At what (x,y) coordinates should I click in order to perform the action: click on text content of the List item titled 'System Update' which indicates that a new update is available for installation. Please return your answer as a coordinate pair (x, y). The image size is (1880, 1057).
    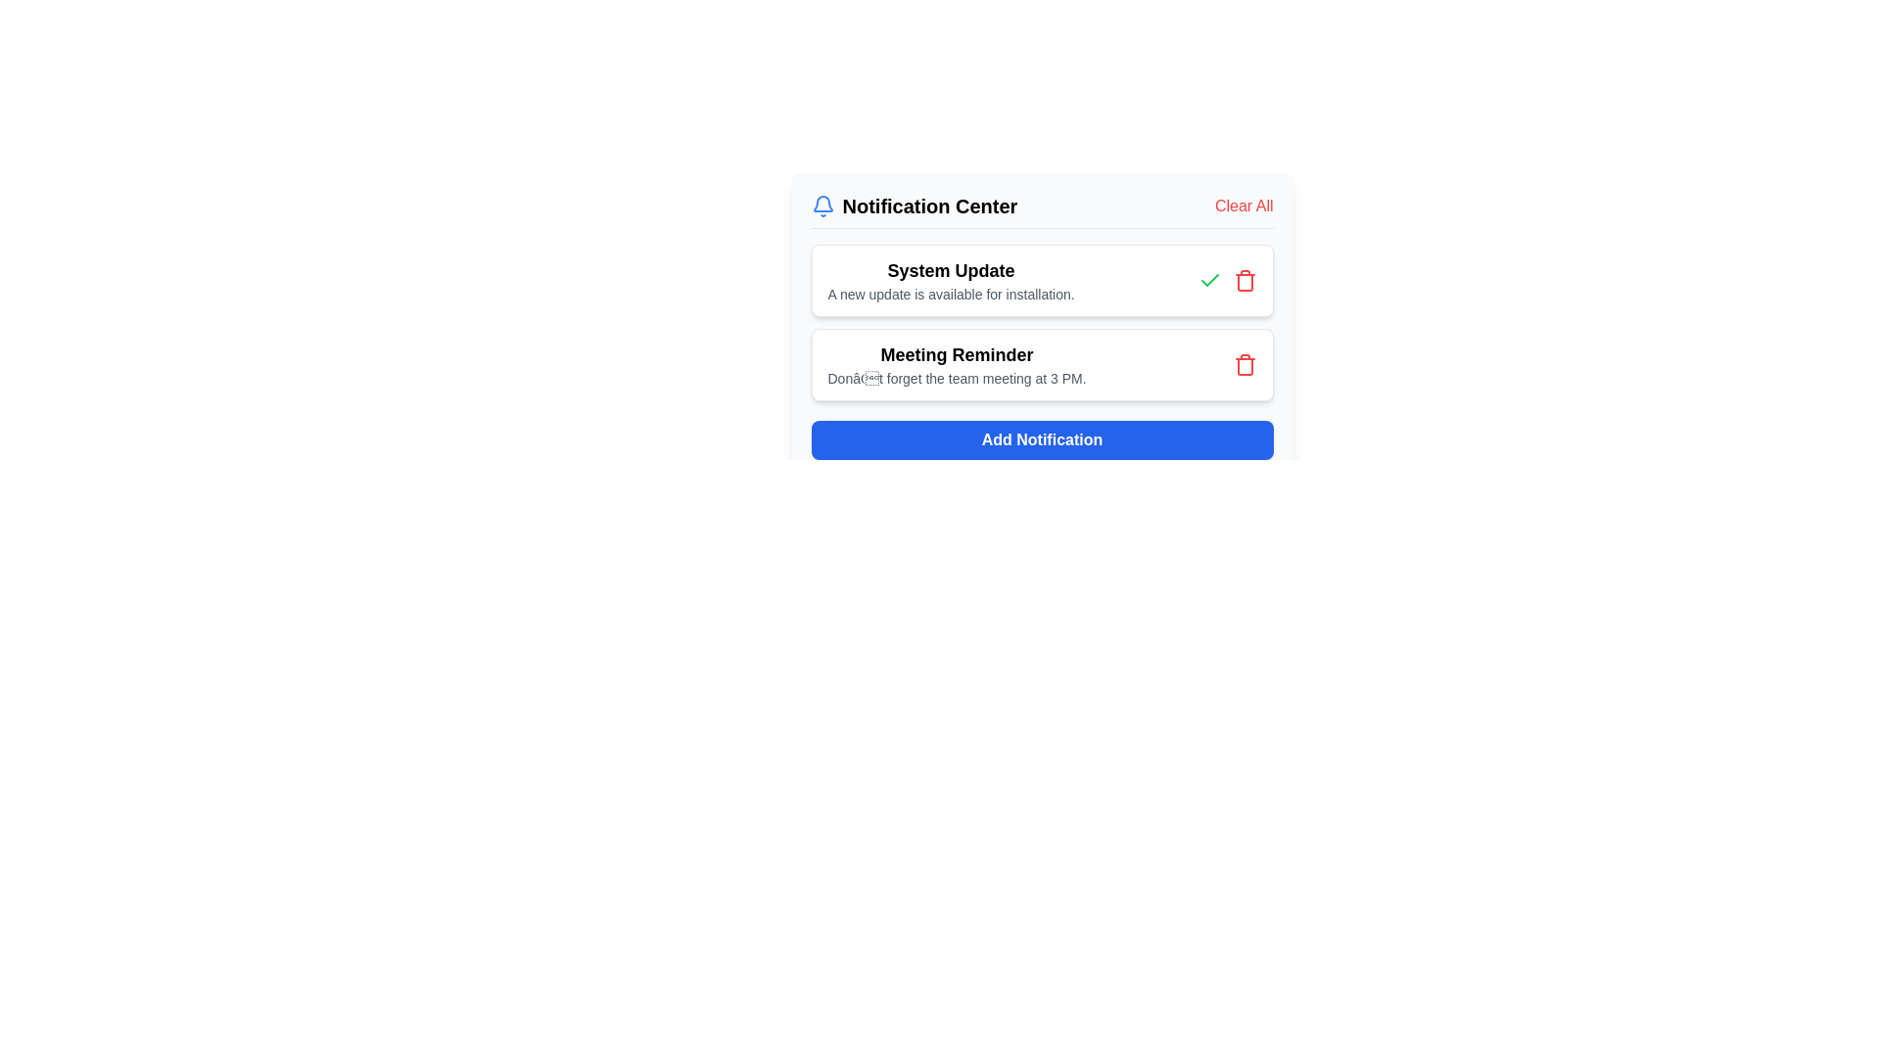
    Looking at the image, I should click on (951, 280).